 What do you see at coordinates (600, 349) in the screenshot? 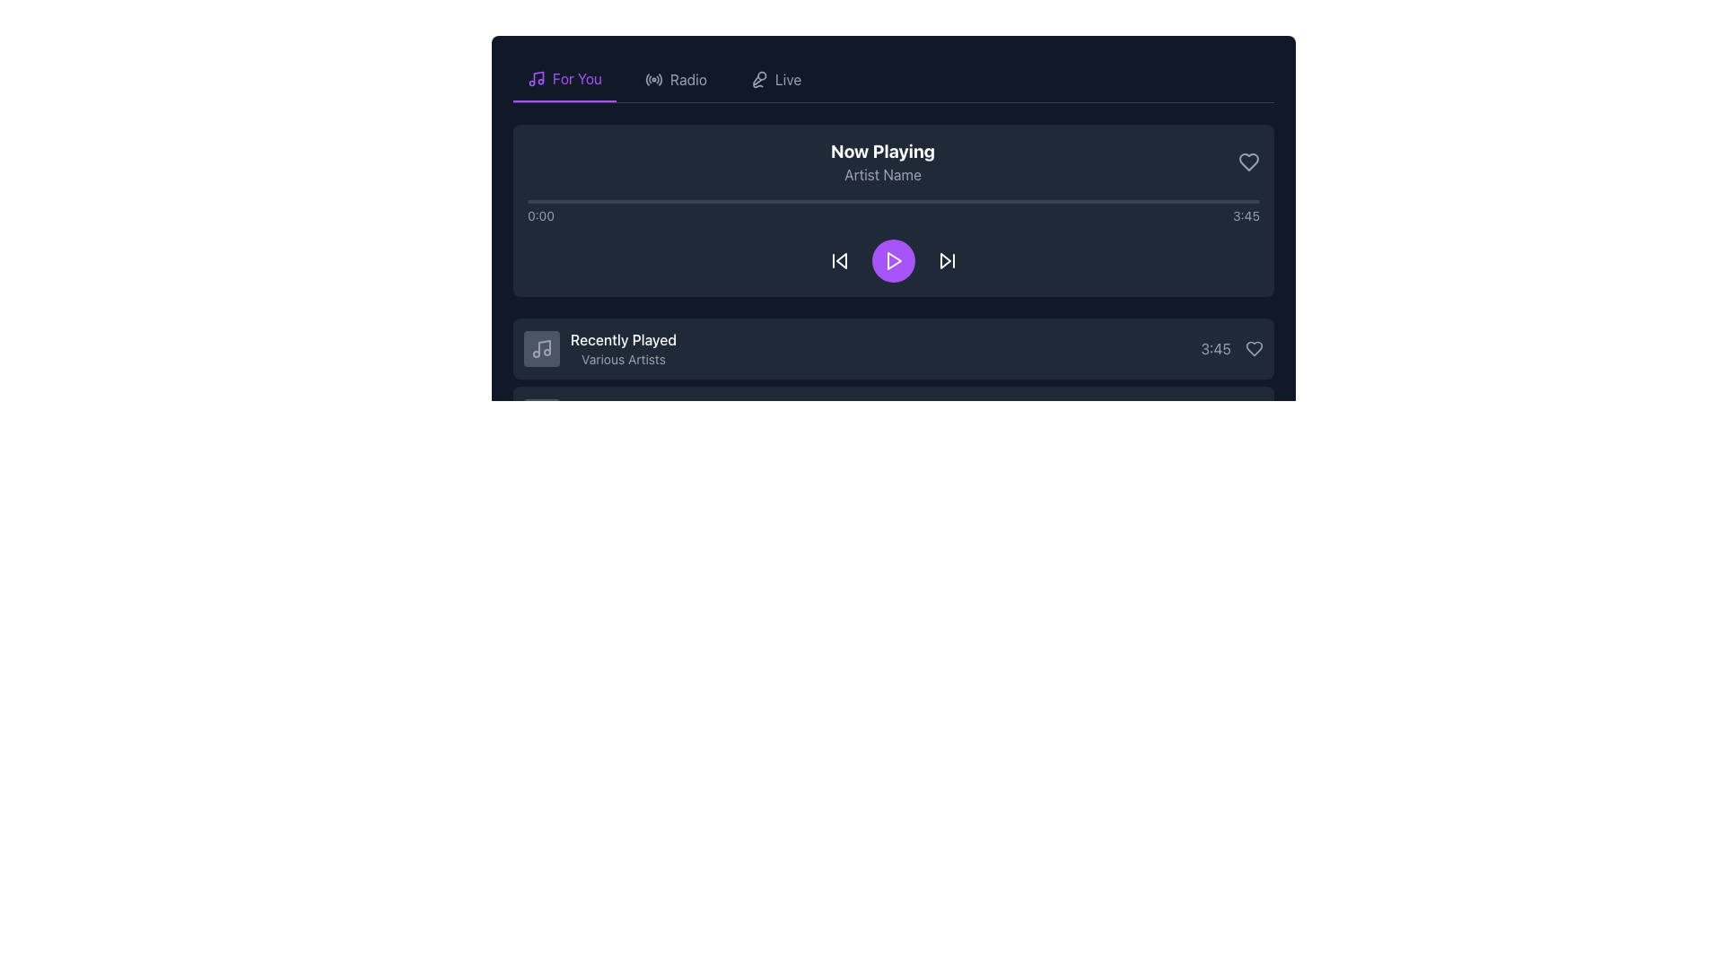
I see `the 'Recently Played' list item element, which features a bold title and a music icon` at bounding box center [600, 349].